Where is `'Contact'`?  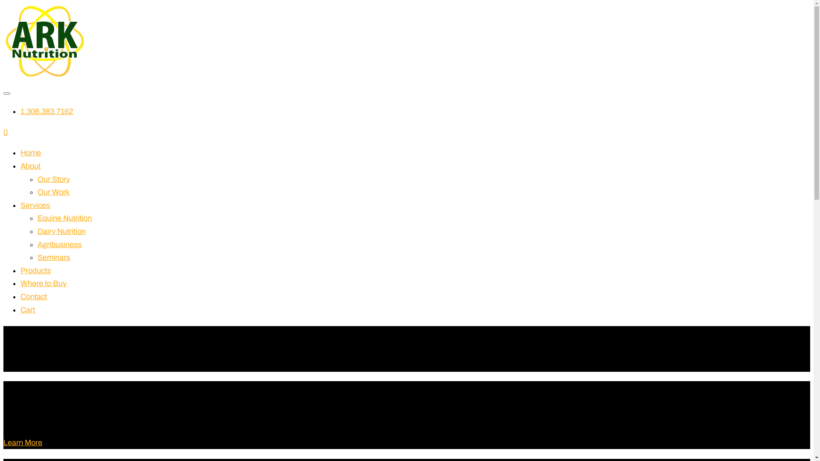
'Contact' is located at coordinates (20, 296).